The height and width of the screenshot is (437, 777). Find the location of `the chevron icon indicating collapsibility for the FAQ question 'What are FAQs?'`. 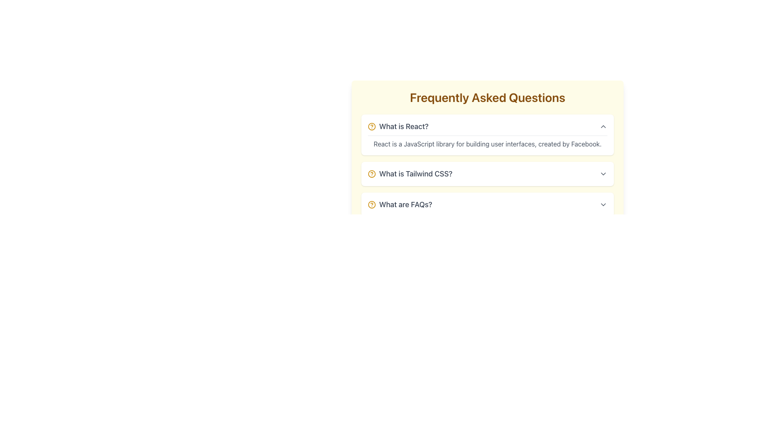

the chevron icon indicating collapsibility for the FAQ question 'What are FAQs?' is located at coordinates (603, 204).